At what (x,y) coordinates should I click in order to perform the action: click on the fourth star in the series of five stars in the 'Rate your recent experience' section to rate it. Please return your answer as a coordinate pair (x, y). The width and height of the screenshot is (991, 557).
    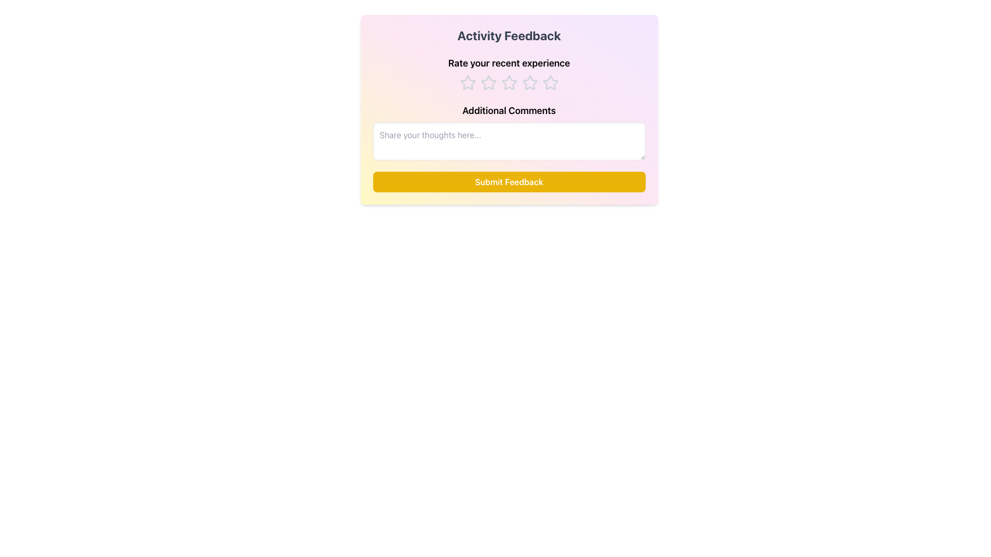
    Looking at the image, I should click on (550, 82).